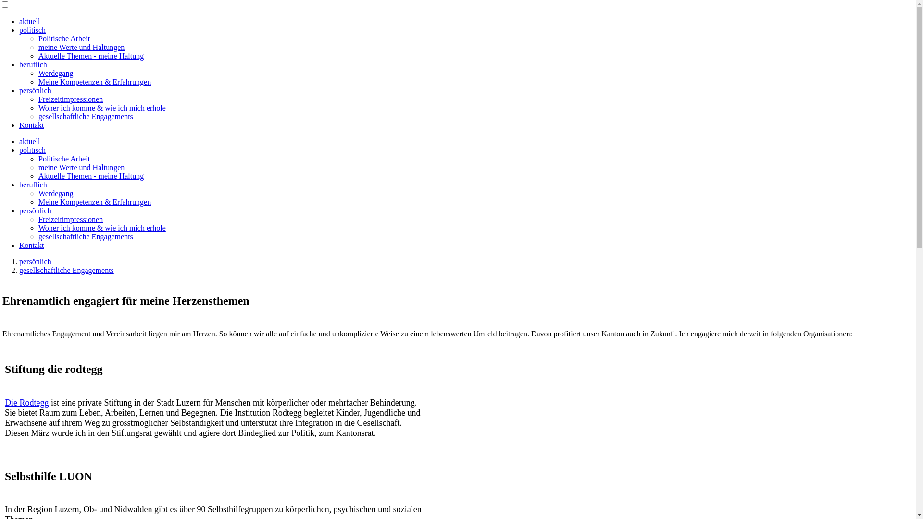 The image size is (923, 519). What do you see at coordinates (27, 402) in the screenshot?
I see `'Die Rodtegg'` at bounding box center [27, 402].